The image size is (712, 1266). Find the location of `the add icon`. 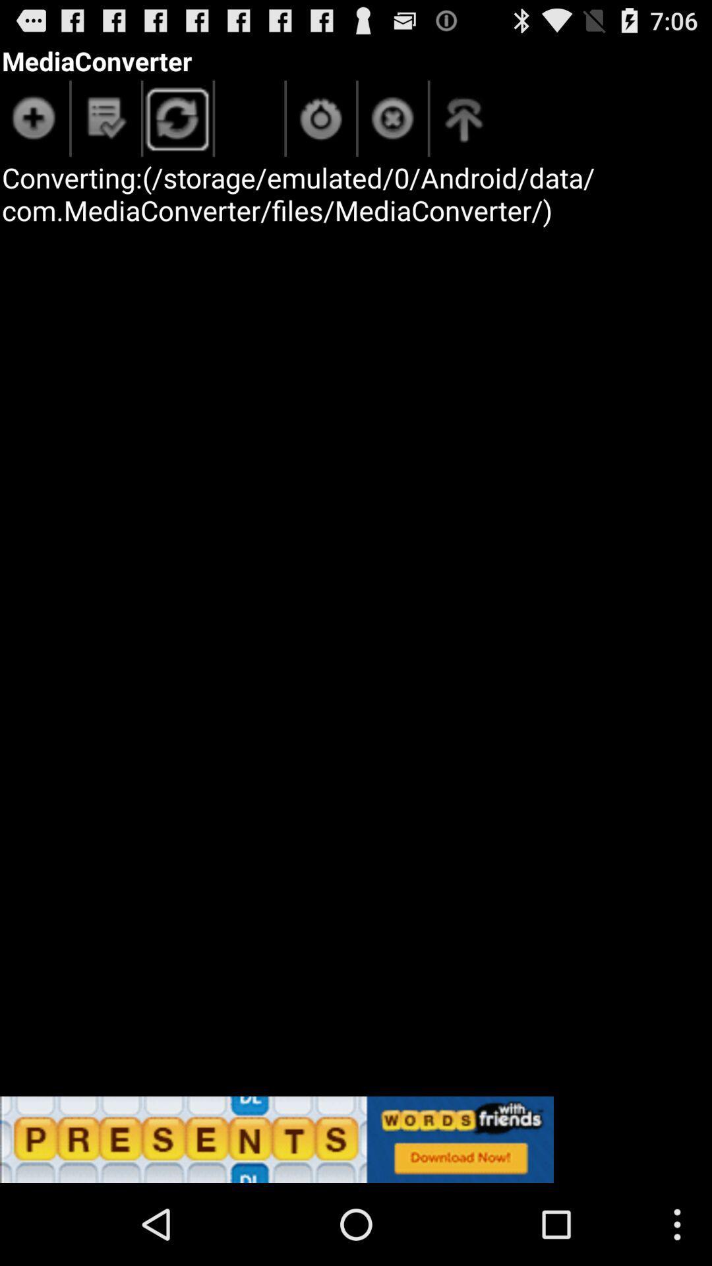

the add icon is located at coordinates (34, 131).